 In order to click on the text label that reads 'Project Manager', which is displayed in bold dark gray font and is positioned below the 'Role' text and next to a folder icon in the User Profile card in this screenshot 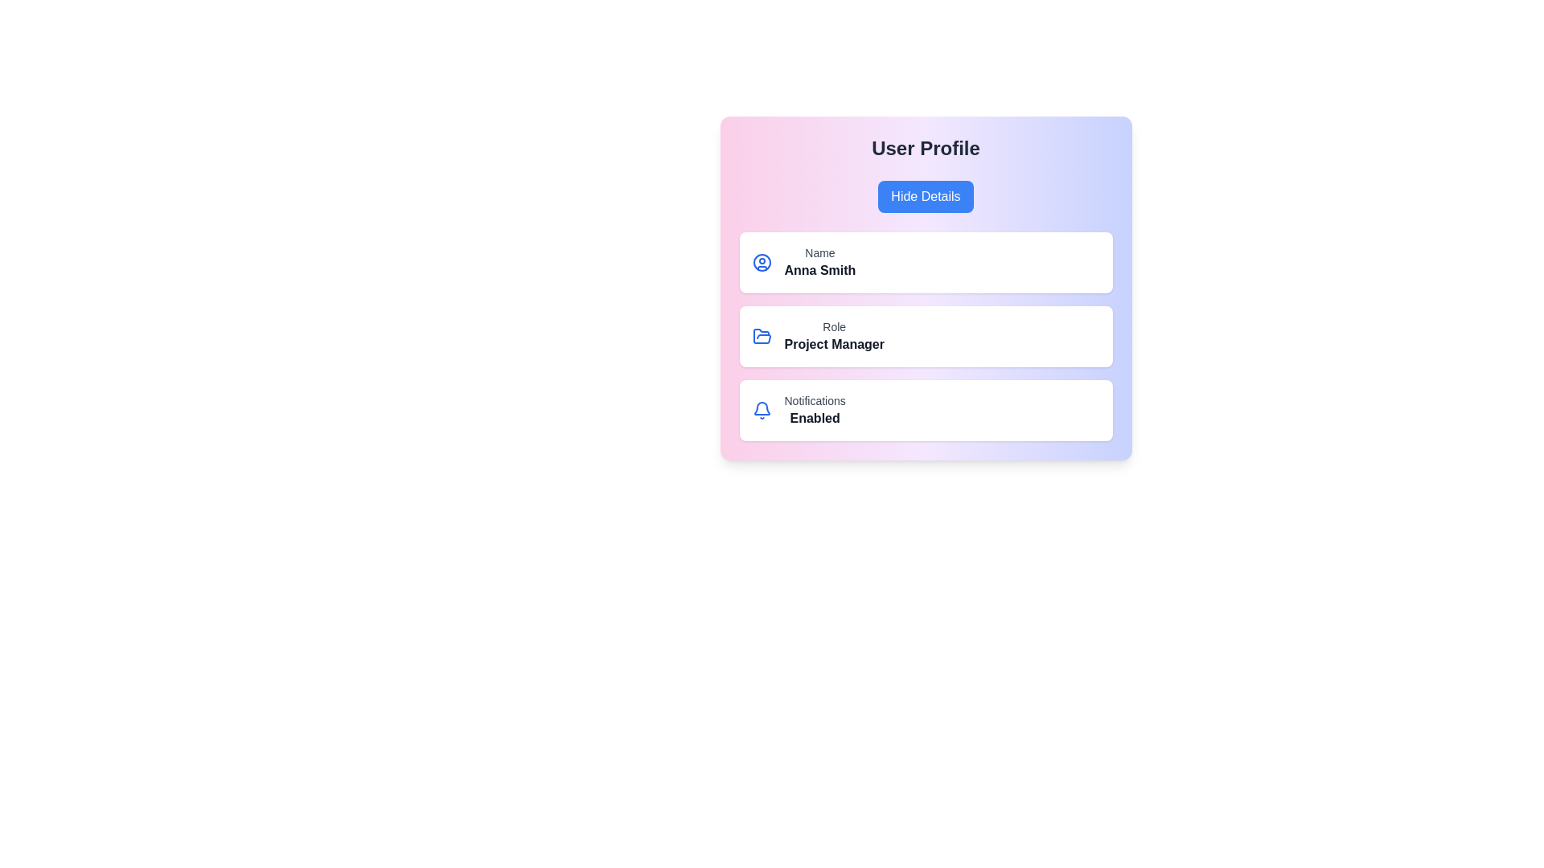, I will do `click(834, 343)`.